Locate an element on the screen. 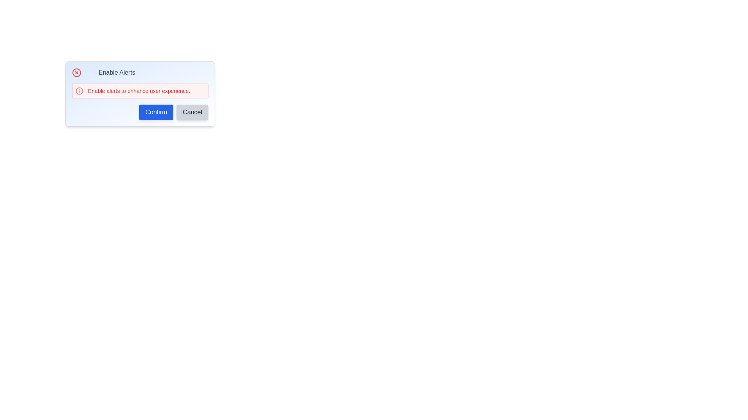 This screenshot has width=748, height=420. the Text Label that describes the adjacent checkbox for enabling alerts, located near the top-center of the dialog box interface is located at coordinates (116, 72).